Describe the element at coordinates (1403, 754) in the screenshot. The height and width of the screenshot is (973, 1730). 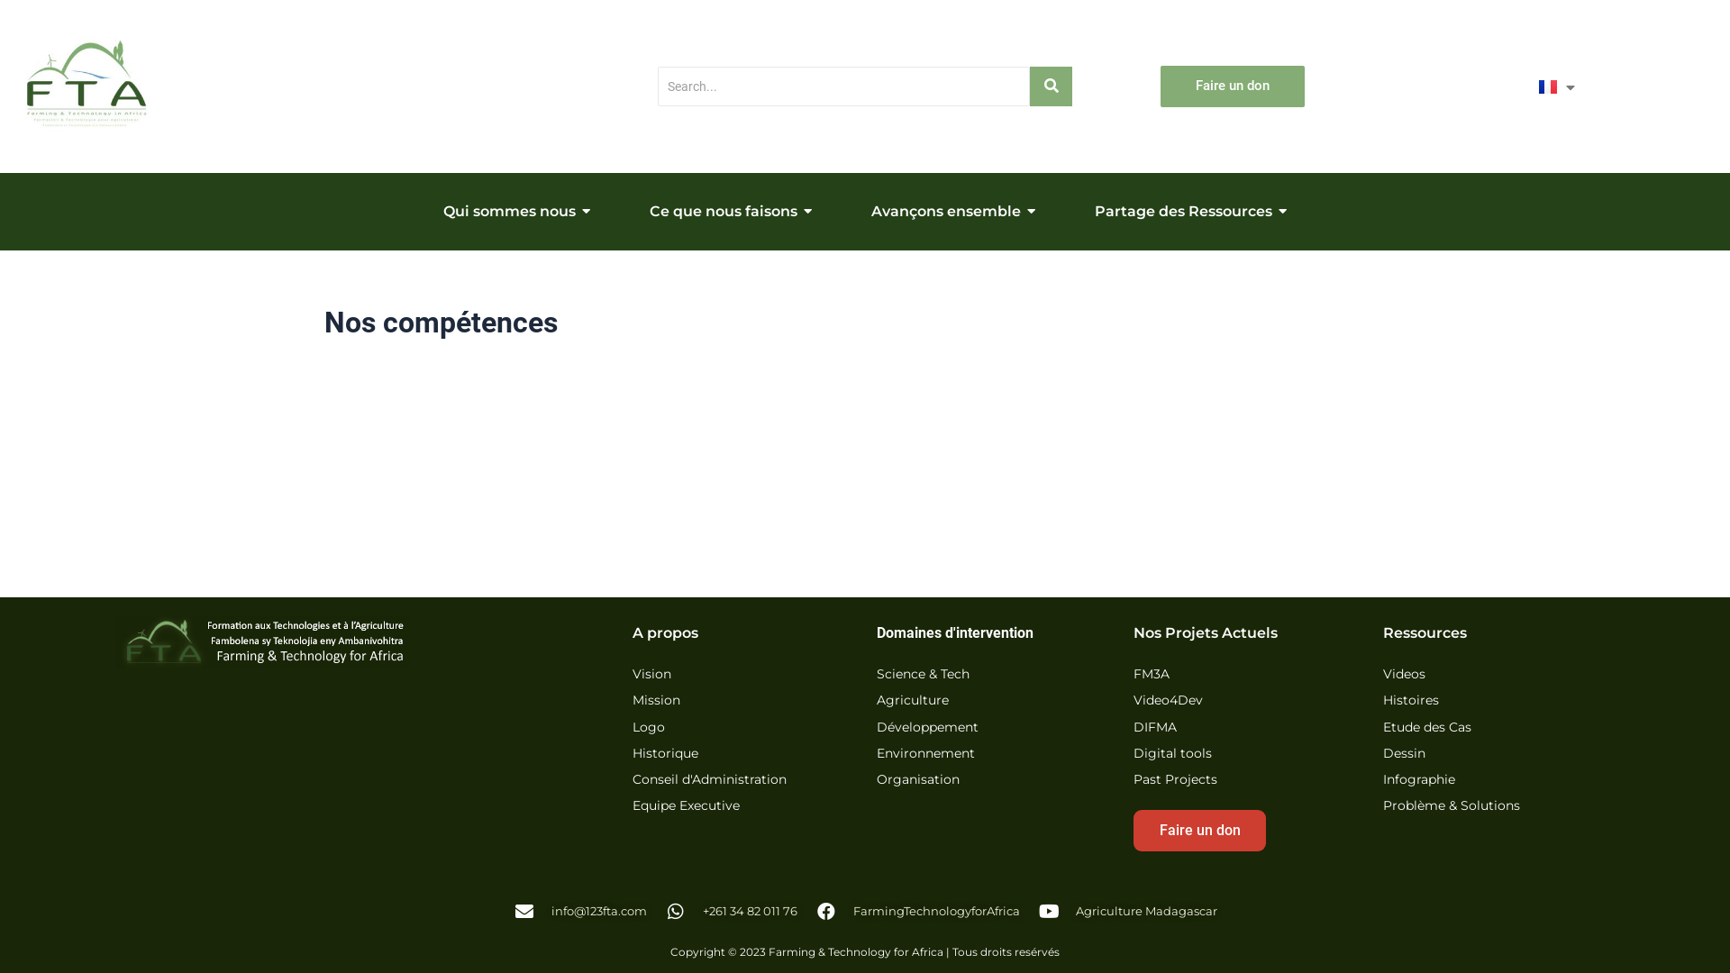
I see `'Dessin'` at that location.